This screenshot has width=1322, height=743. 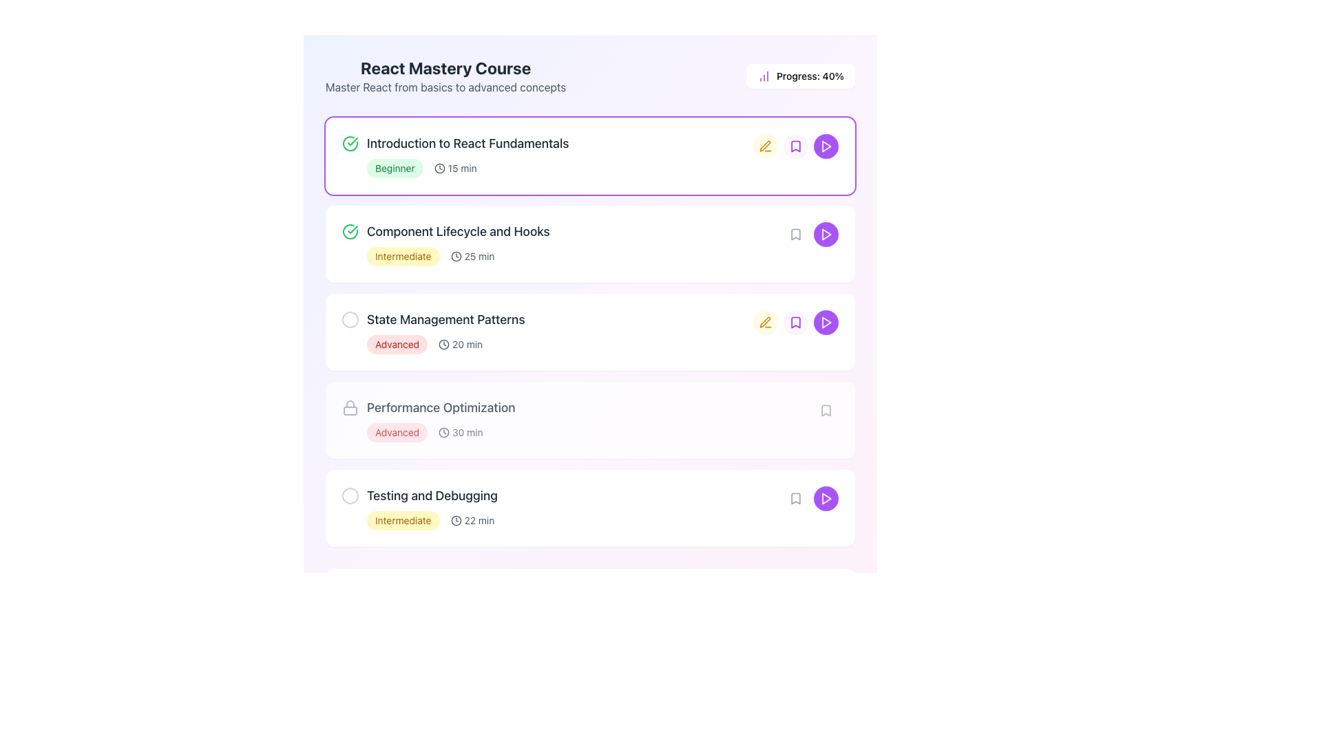 I want to click on the clock icon located to the left of the '25 min' text within the 'Component Lifecycle and Hooks' course list, so click(x=456, y=257).